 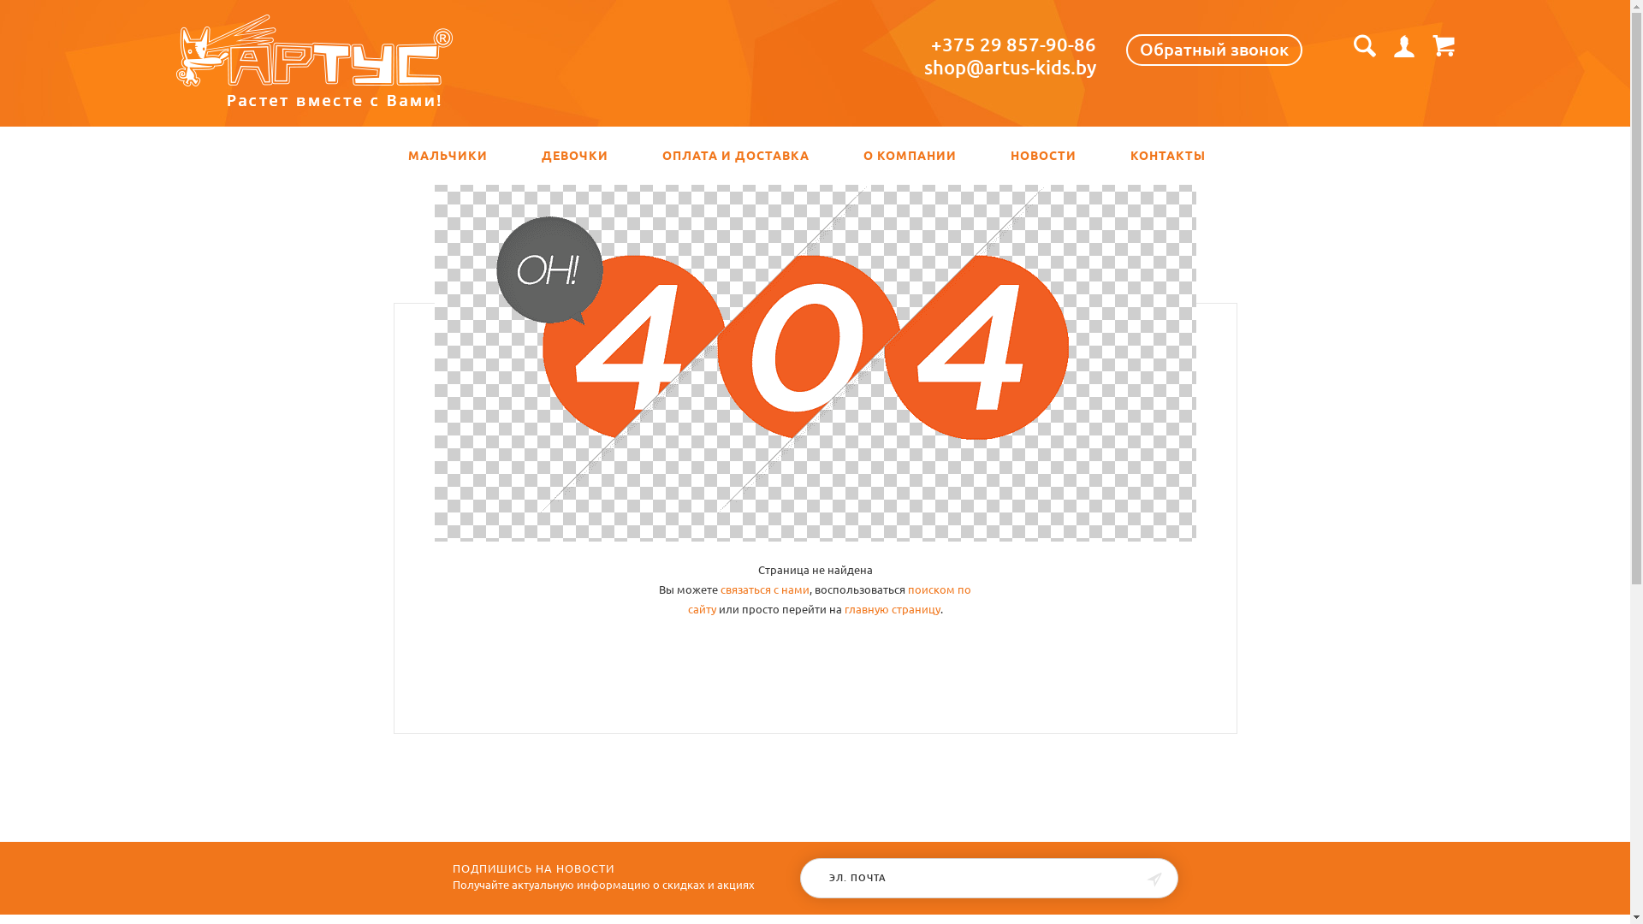 What do you see at coordinates (1013, 43) in the screenshot?
I see `'+375 29 857-90-86'` at bounding box center [1013, 43].